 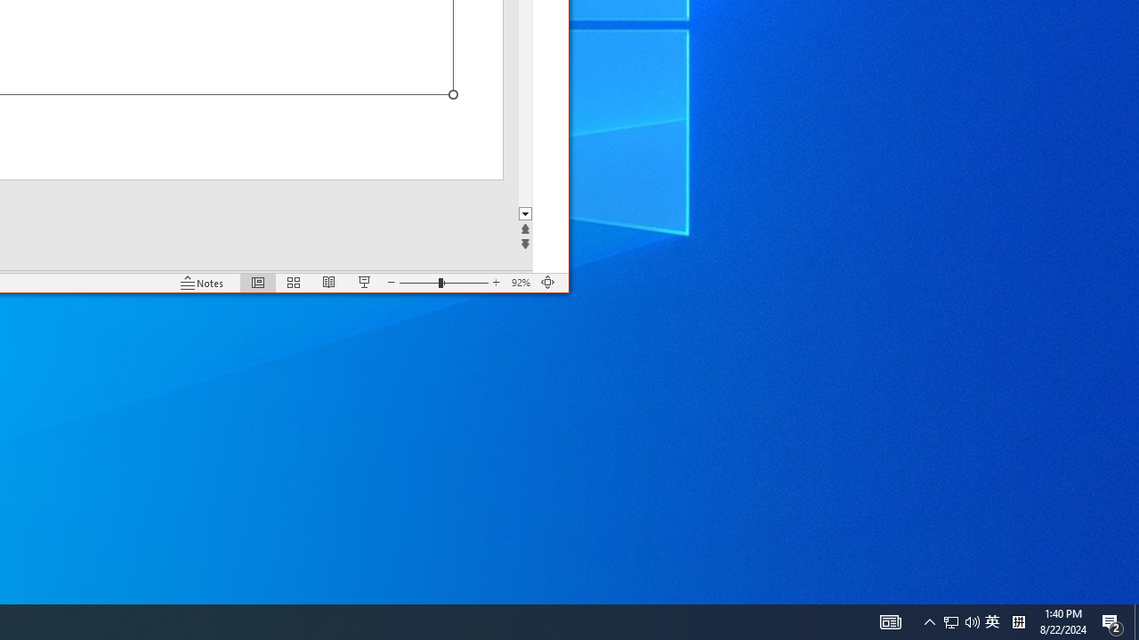 What do you see at coordinates (520, 282) in the screenshot?
I see `'Zoom 92%'` at bounding box center [520, 282].